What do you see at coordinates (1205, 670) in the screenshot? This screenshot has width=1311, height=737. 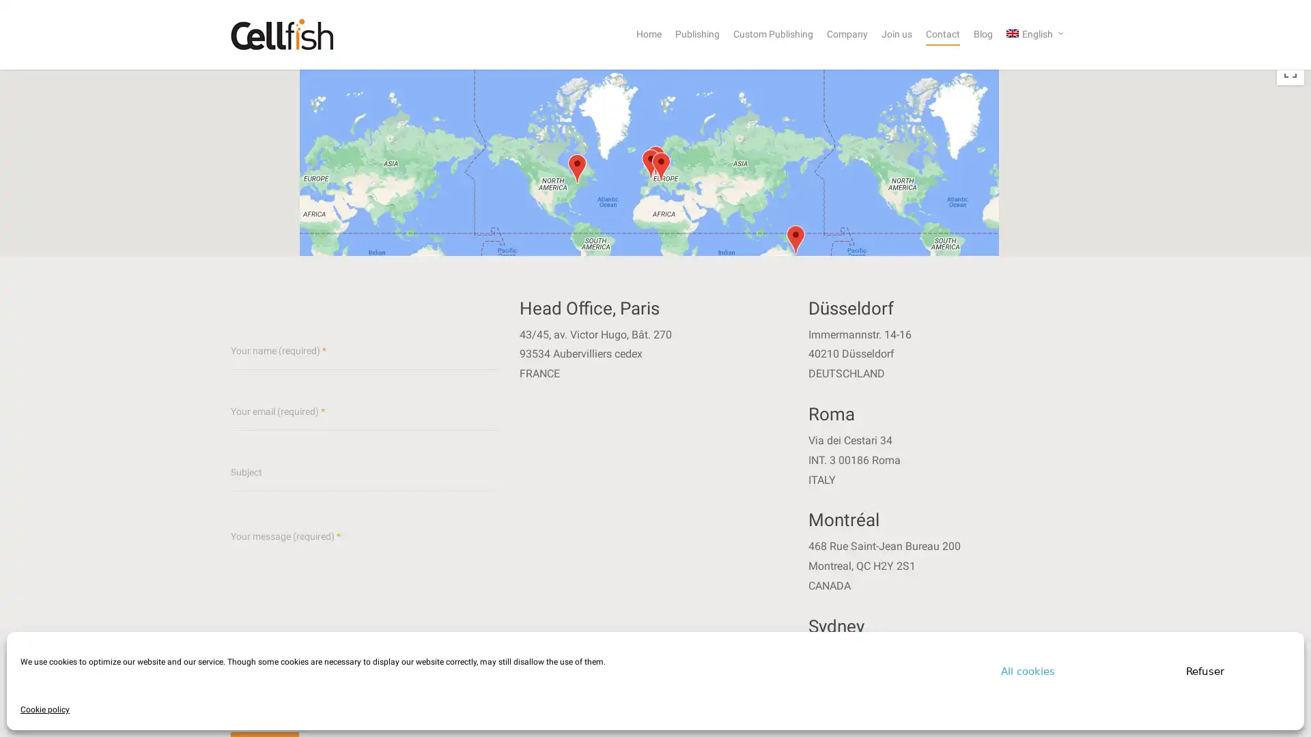 I see `Refuser` at bounding box center [1205, 670].